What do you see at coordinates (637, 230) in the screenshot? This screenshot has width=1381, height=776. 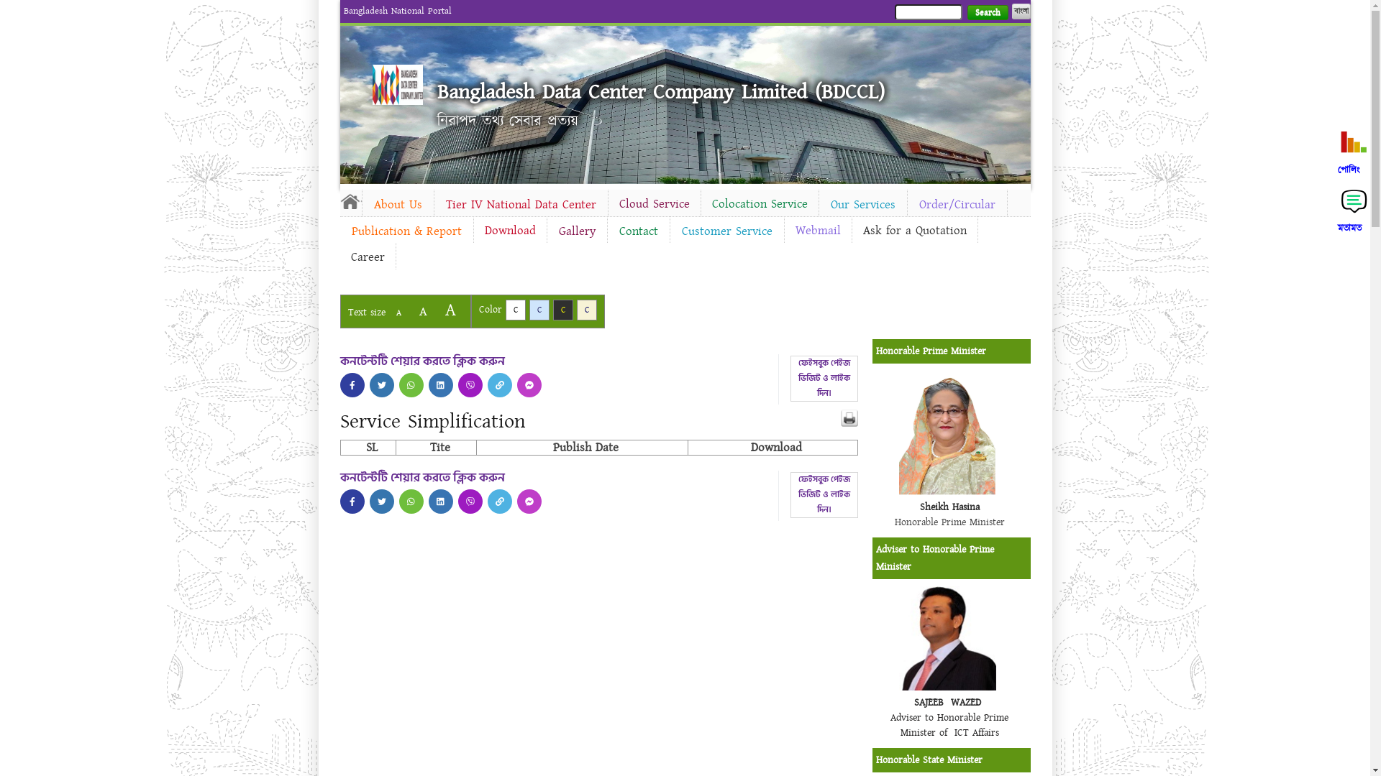 I see `'Contact'` at bounding box center [637, 230].